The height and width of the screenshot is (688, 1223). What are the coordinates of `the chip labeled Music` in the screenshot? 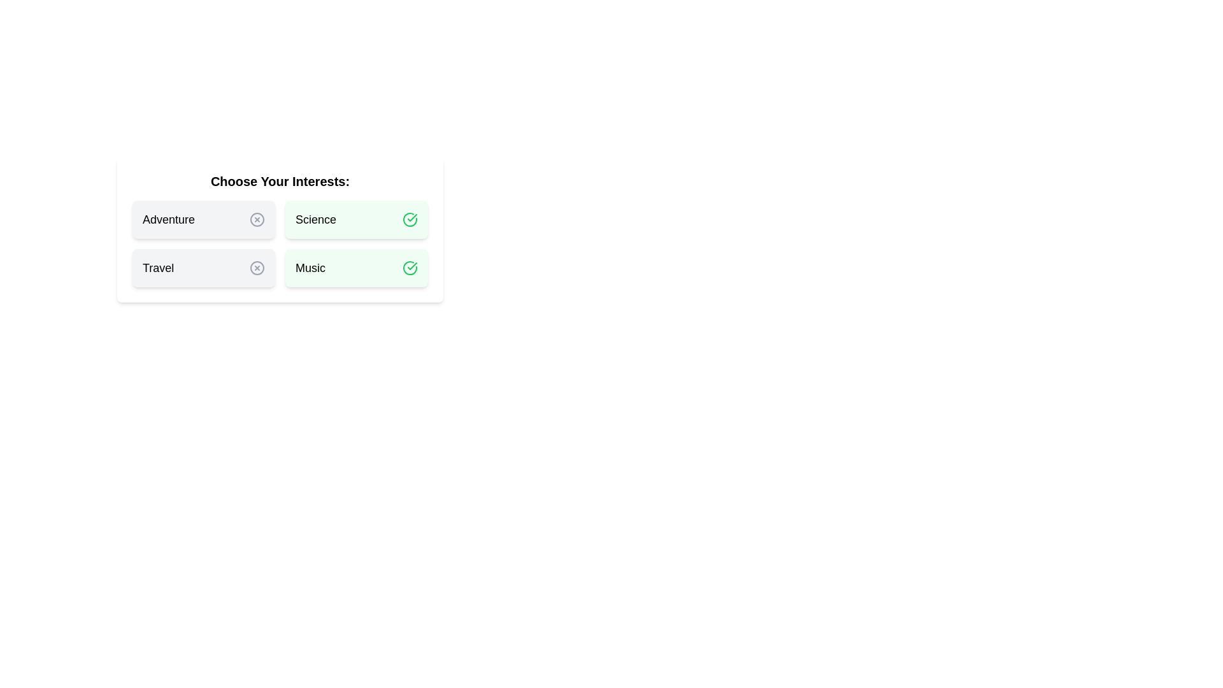 It's located at (357, 267).